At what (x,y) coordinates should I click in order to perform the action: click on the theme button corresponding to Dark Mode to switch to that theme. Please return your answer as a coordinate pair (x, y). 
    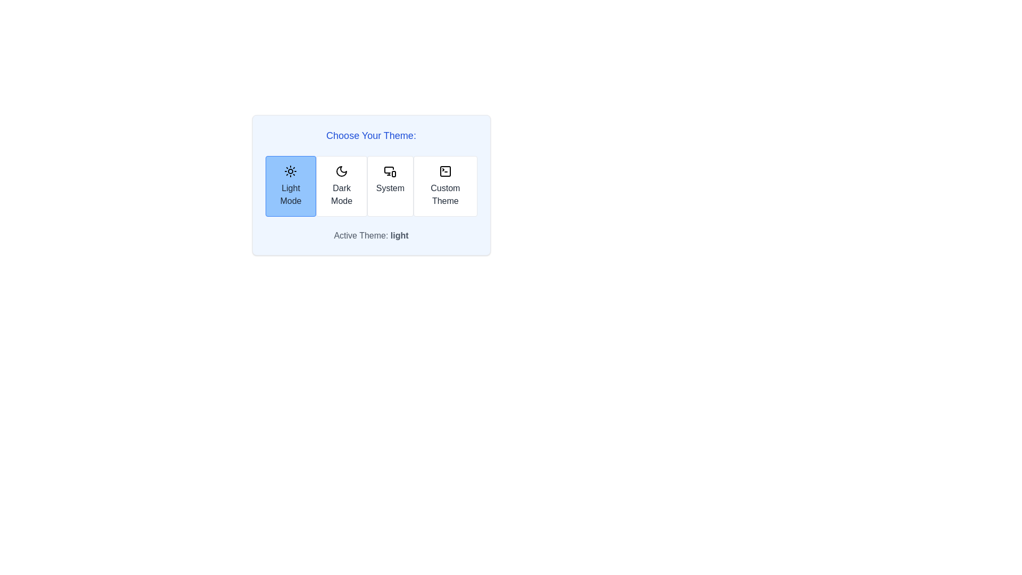
    Looking at the image, I should click on (342, 186).